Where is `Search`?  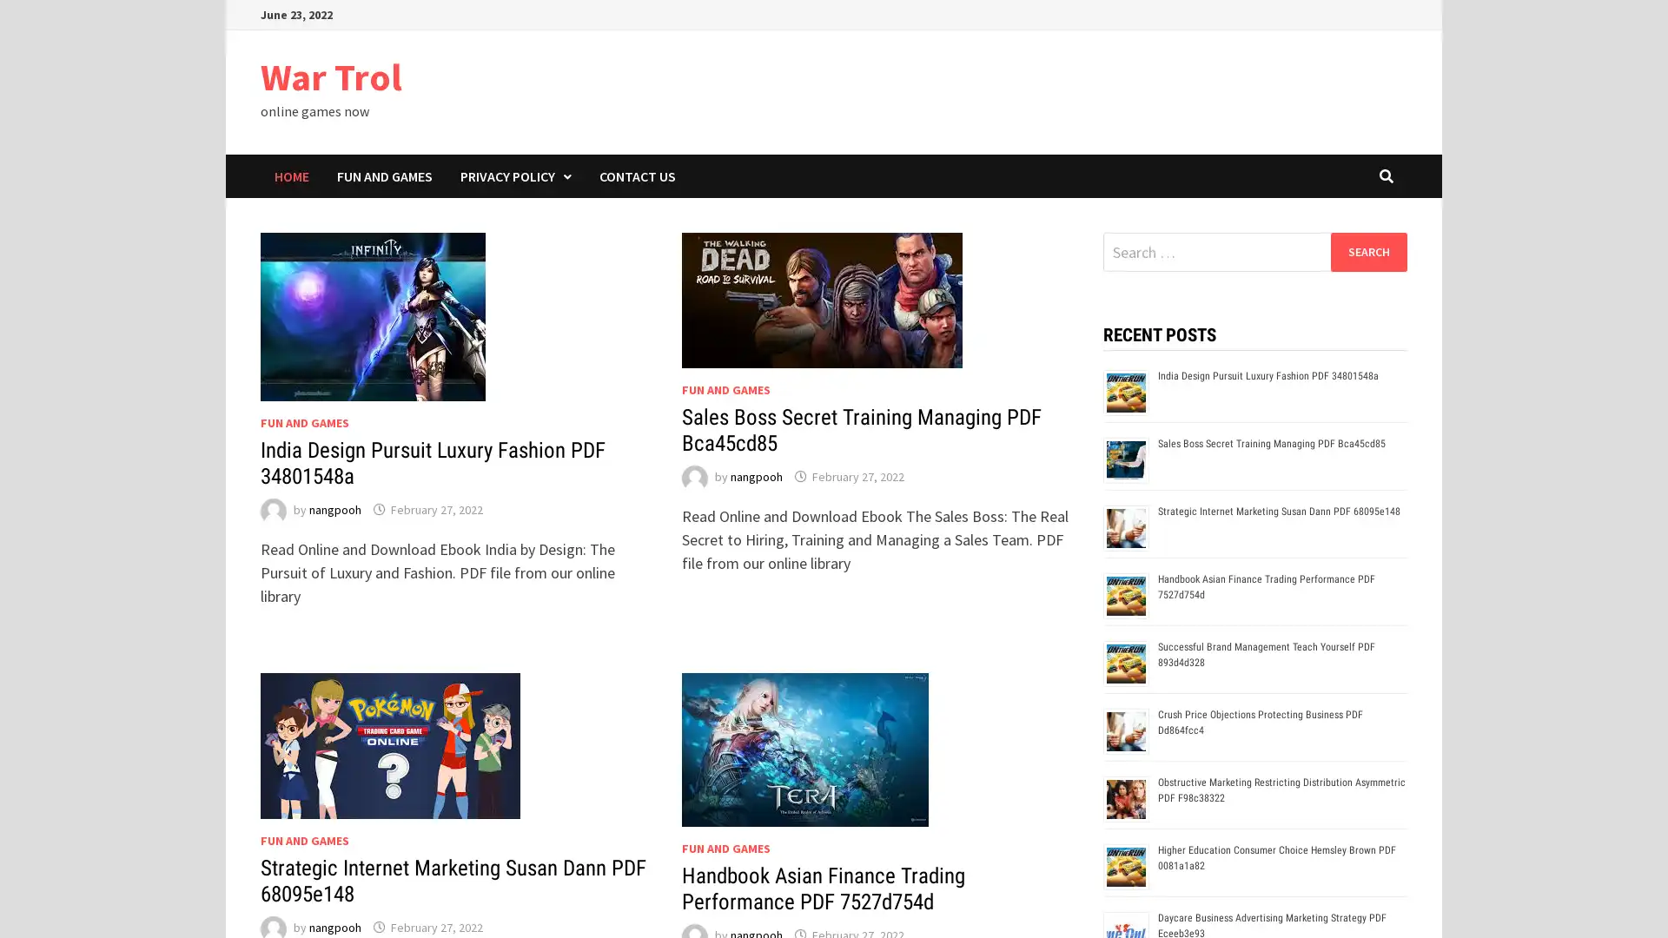 Search is located at coordinates (1367, 251).